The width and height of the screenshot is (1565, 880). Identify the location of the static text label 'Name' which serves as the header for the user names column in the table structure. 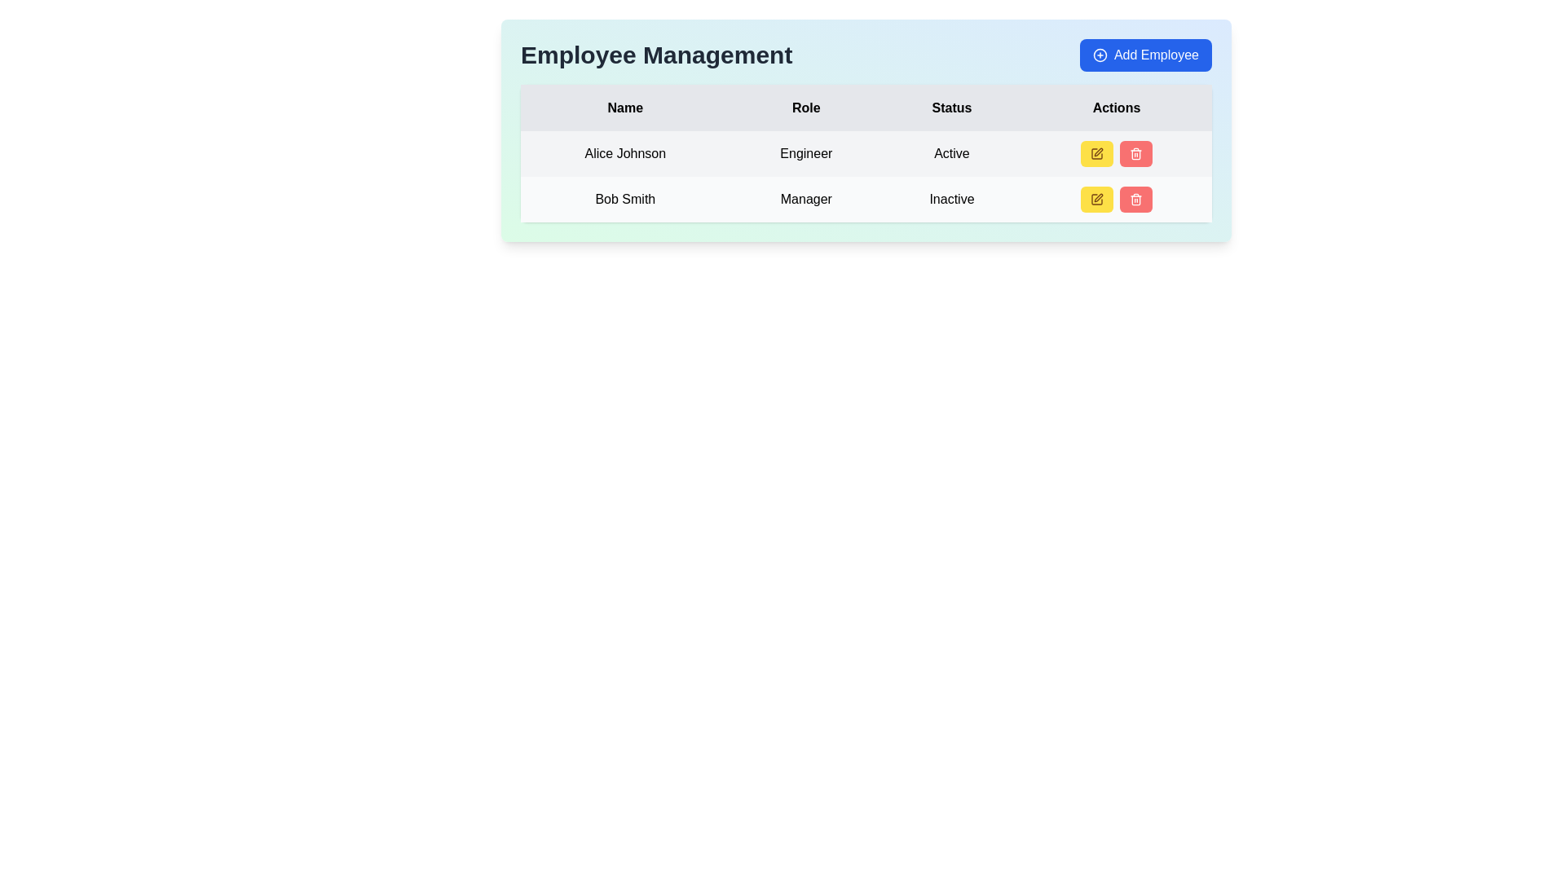
(624, 108).